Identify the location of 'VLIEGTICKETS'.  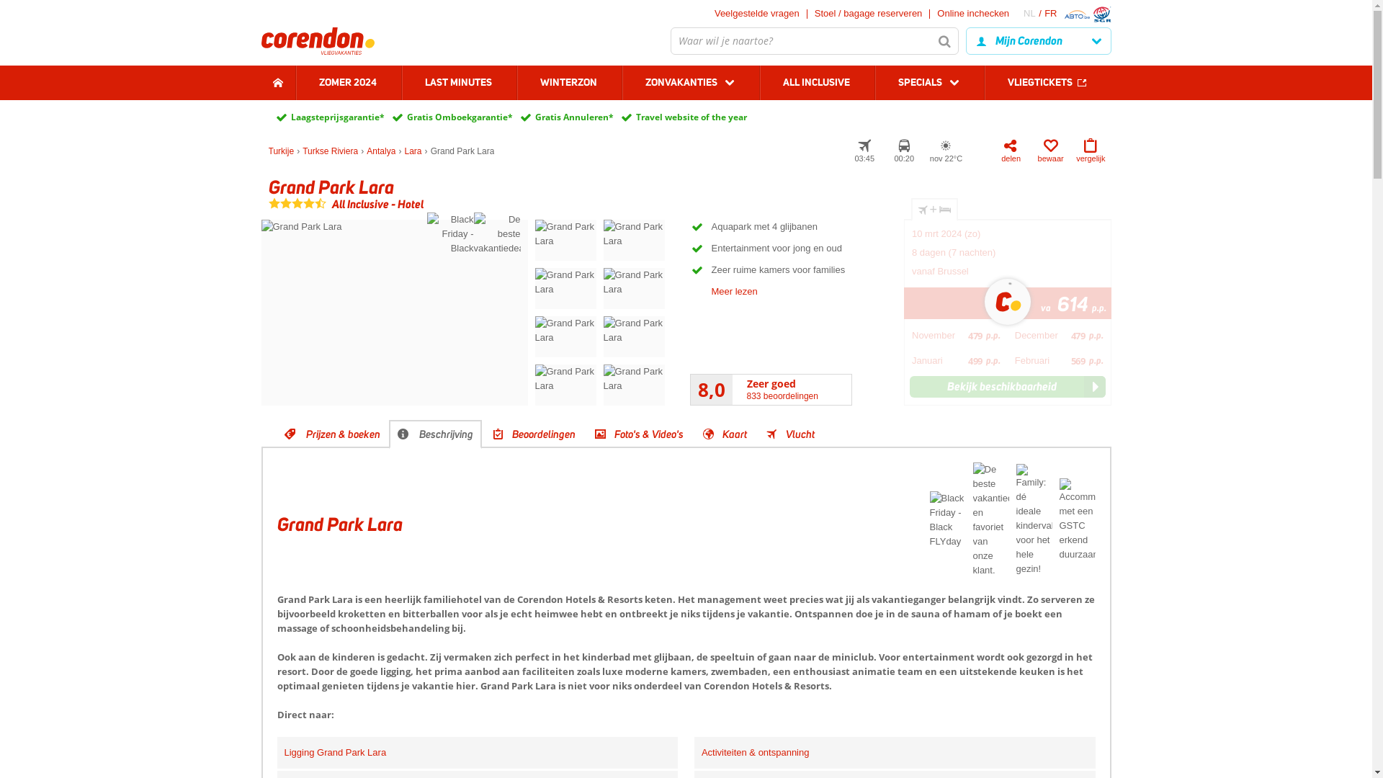
(1047, 83).